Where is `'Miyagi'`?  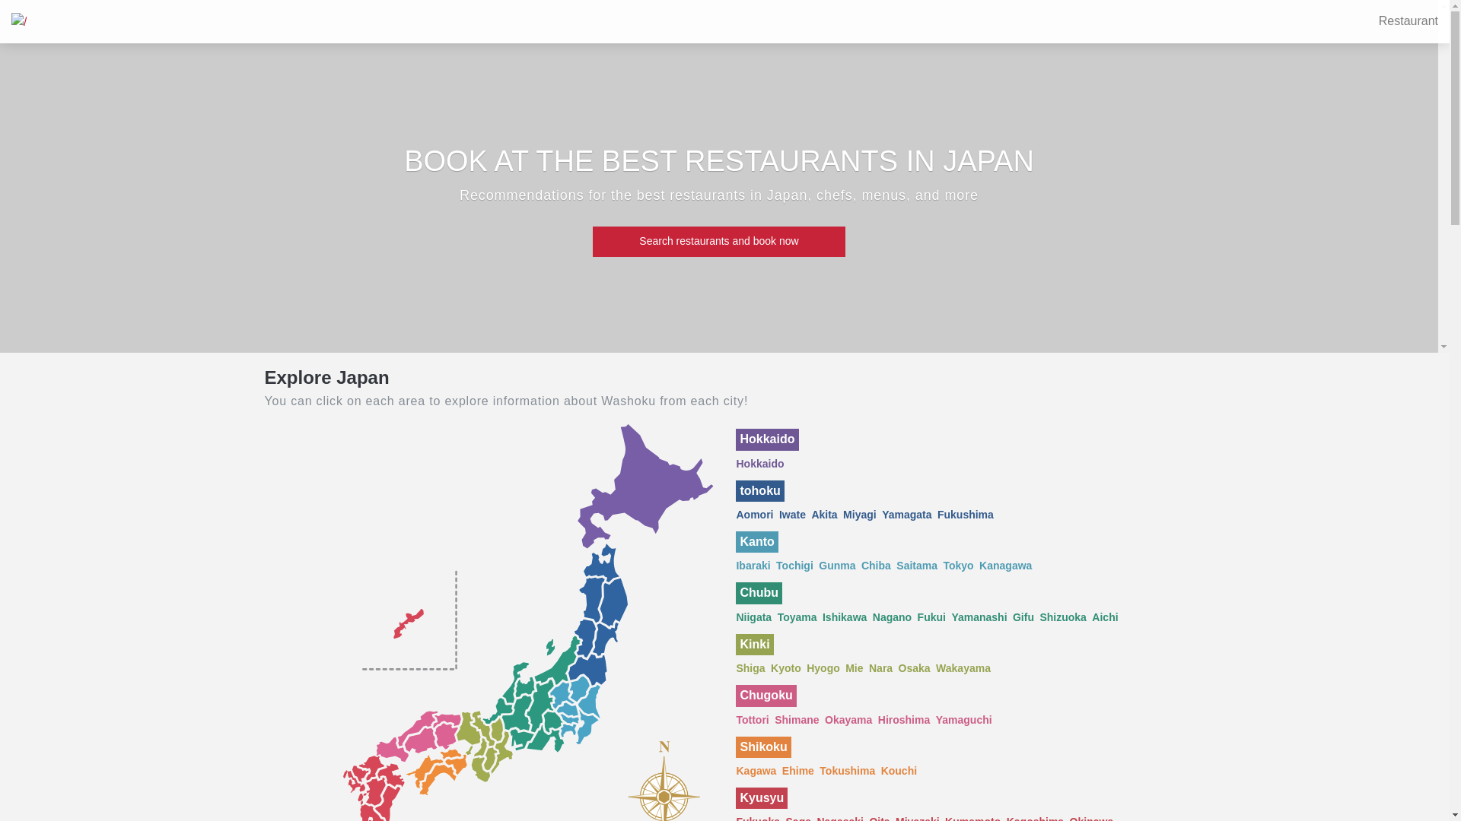 'Miyagi' is located at coordinates (859, 514).